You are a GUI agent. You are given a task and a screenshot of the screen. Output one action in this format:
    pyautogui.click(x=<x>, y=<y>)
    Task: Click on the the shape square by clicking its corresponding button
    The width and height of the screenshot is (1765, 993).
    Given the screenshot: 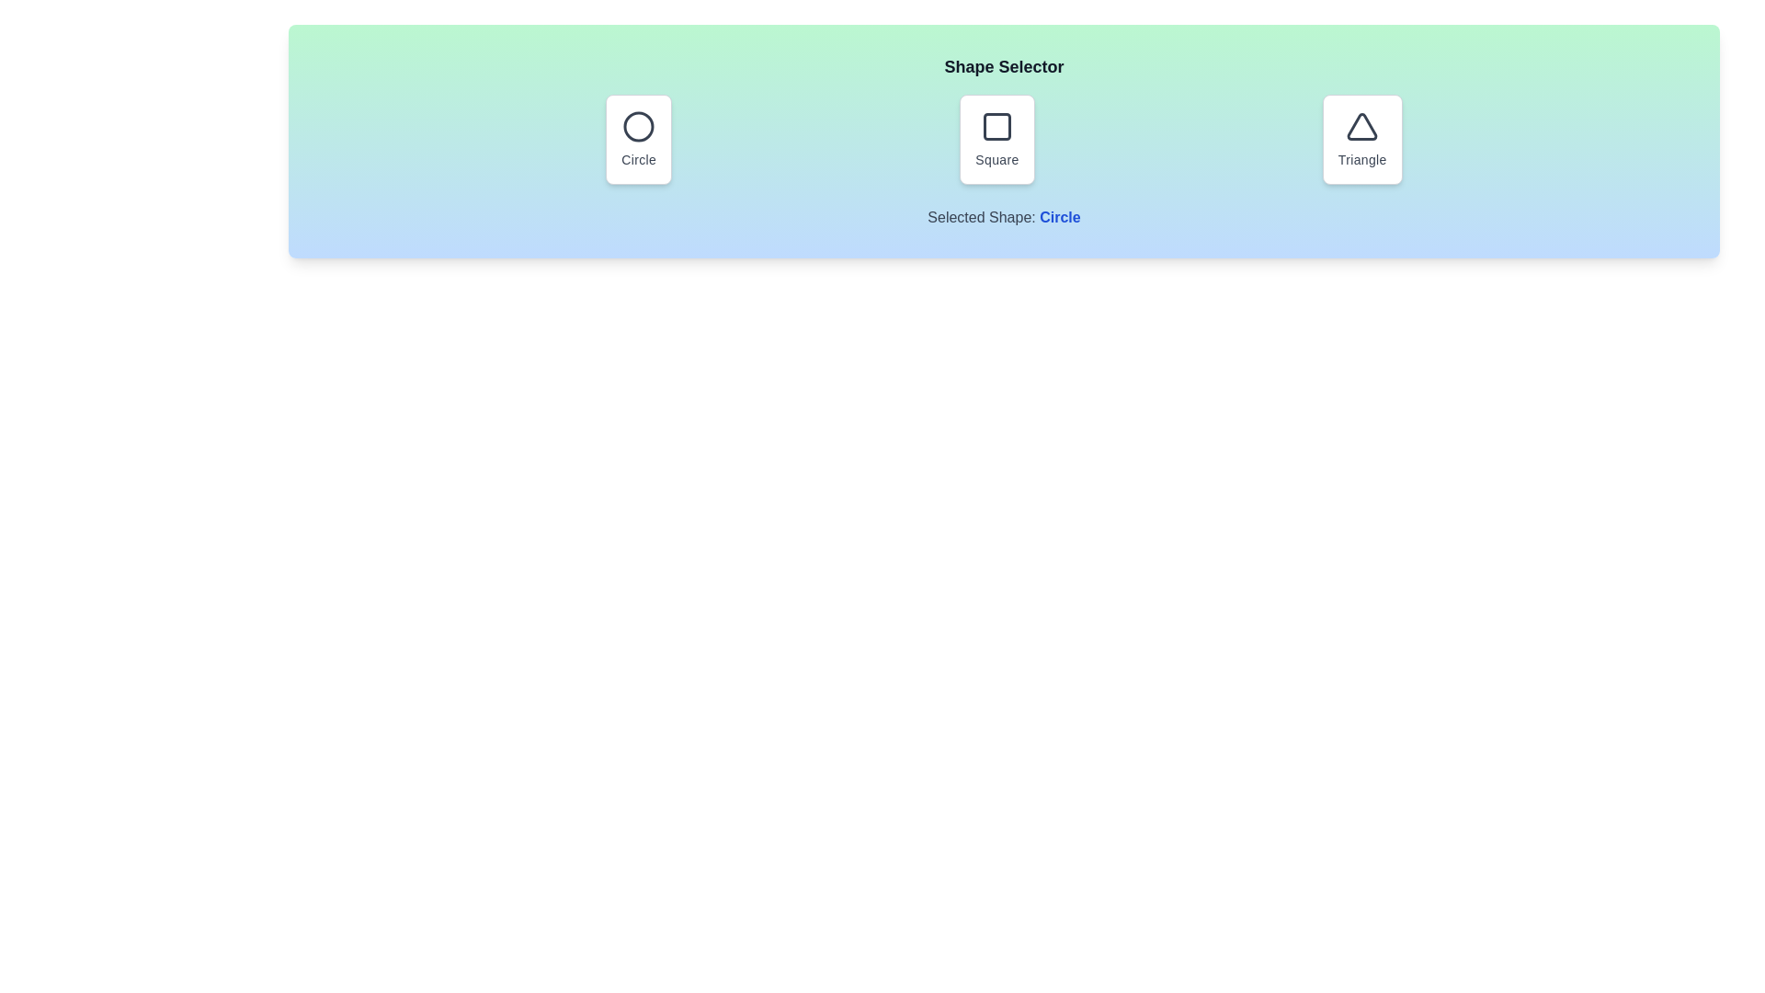 What is the action you would take?
    pyautogui.click(x=996, y=138)
    